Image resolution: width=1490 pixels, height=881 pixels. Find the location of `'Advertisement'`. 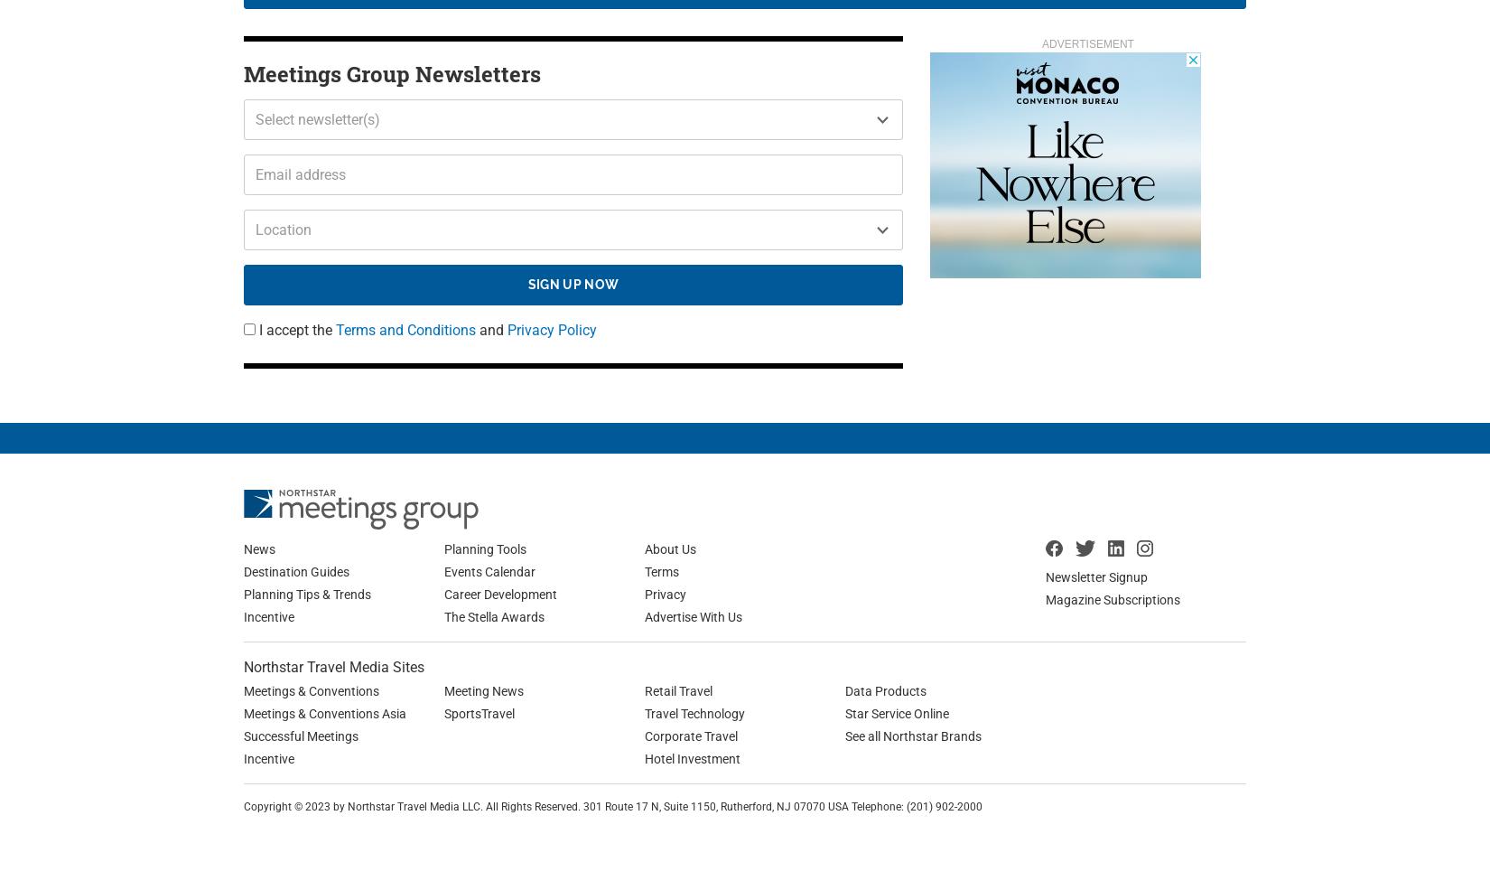

'Advertisement' is located at coordinates (1087, 42).